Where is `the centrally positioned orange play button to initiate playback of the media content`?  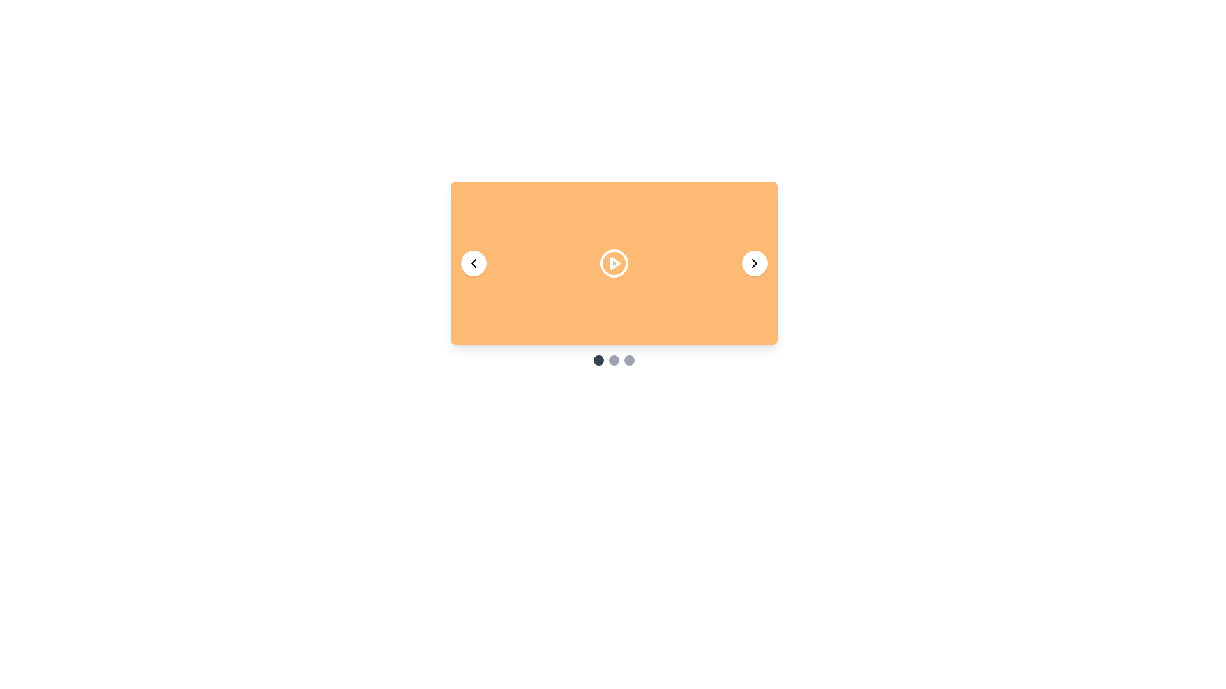
the centrally positioned orange play button to initiate playback of the media content is located at coordinates (614, 262).